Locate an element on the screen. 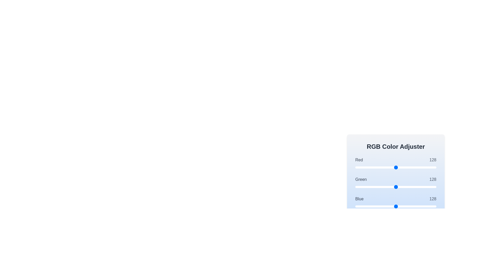 The height and width of the screenshot is (277, 494). the red slider to 22 by dragging or clicking on the slider is located at coordinates (362, 167).